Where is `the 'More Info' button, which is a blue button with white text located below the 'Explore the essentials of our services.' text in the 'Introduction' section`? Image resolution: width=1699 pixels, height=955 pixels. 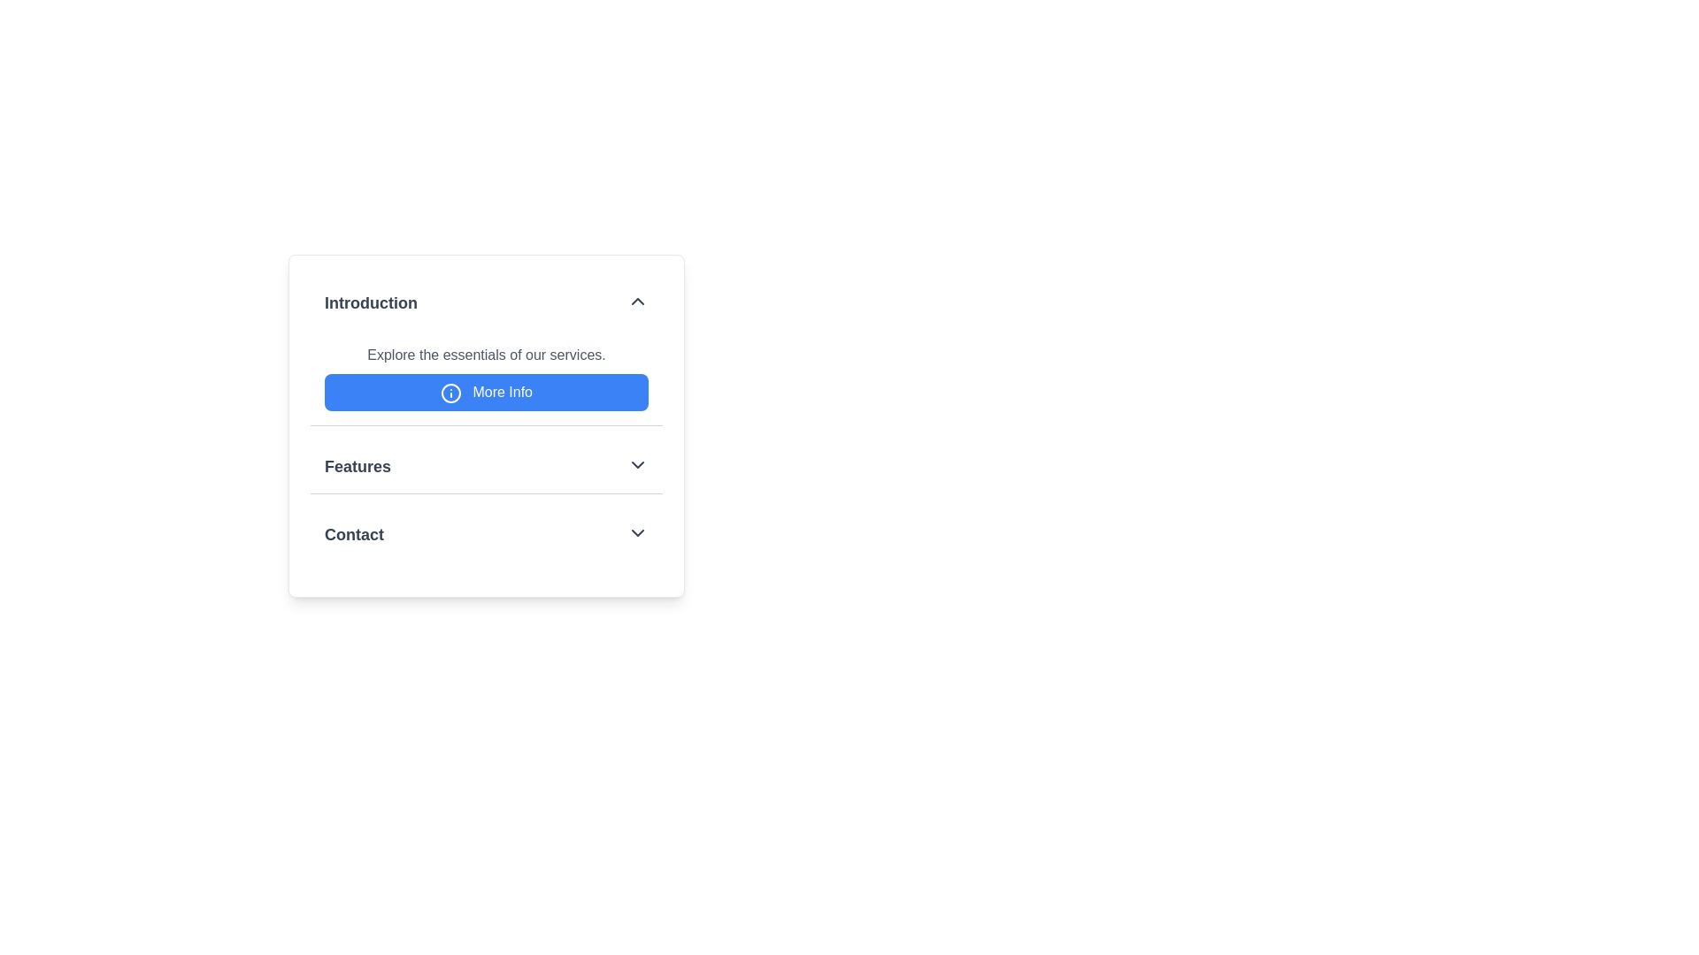 the 'More Info' button, which is a blue button with white text located below the 'Explore the essentials of our services.' text in the 'Introduction' section is located at coordinates (487, 377).